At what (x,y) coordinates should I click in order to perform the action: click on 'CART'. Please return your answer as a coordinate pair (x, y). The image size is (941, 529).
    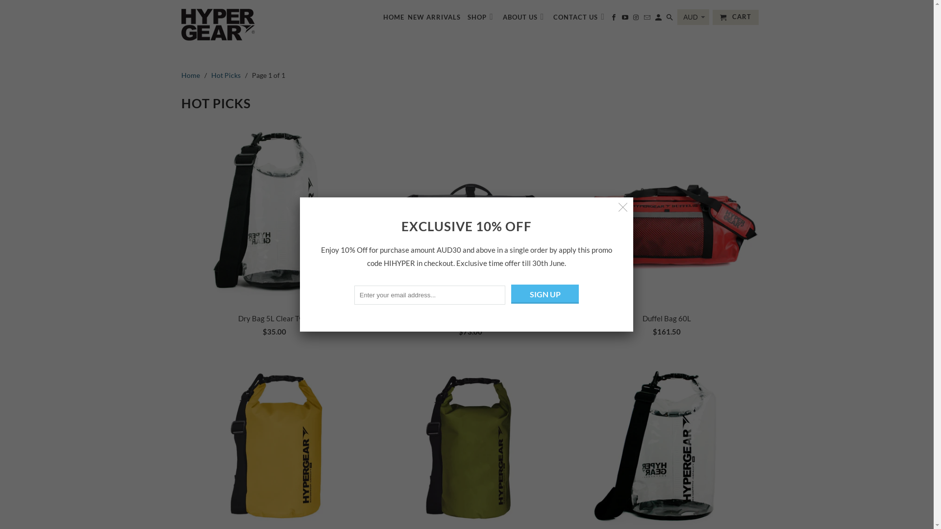
    Looking at the image, I should click on (736, 17).